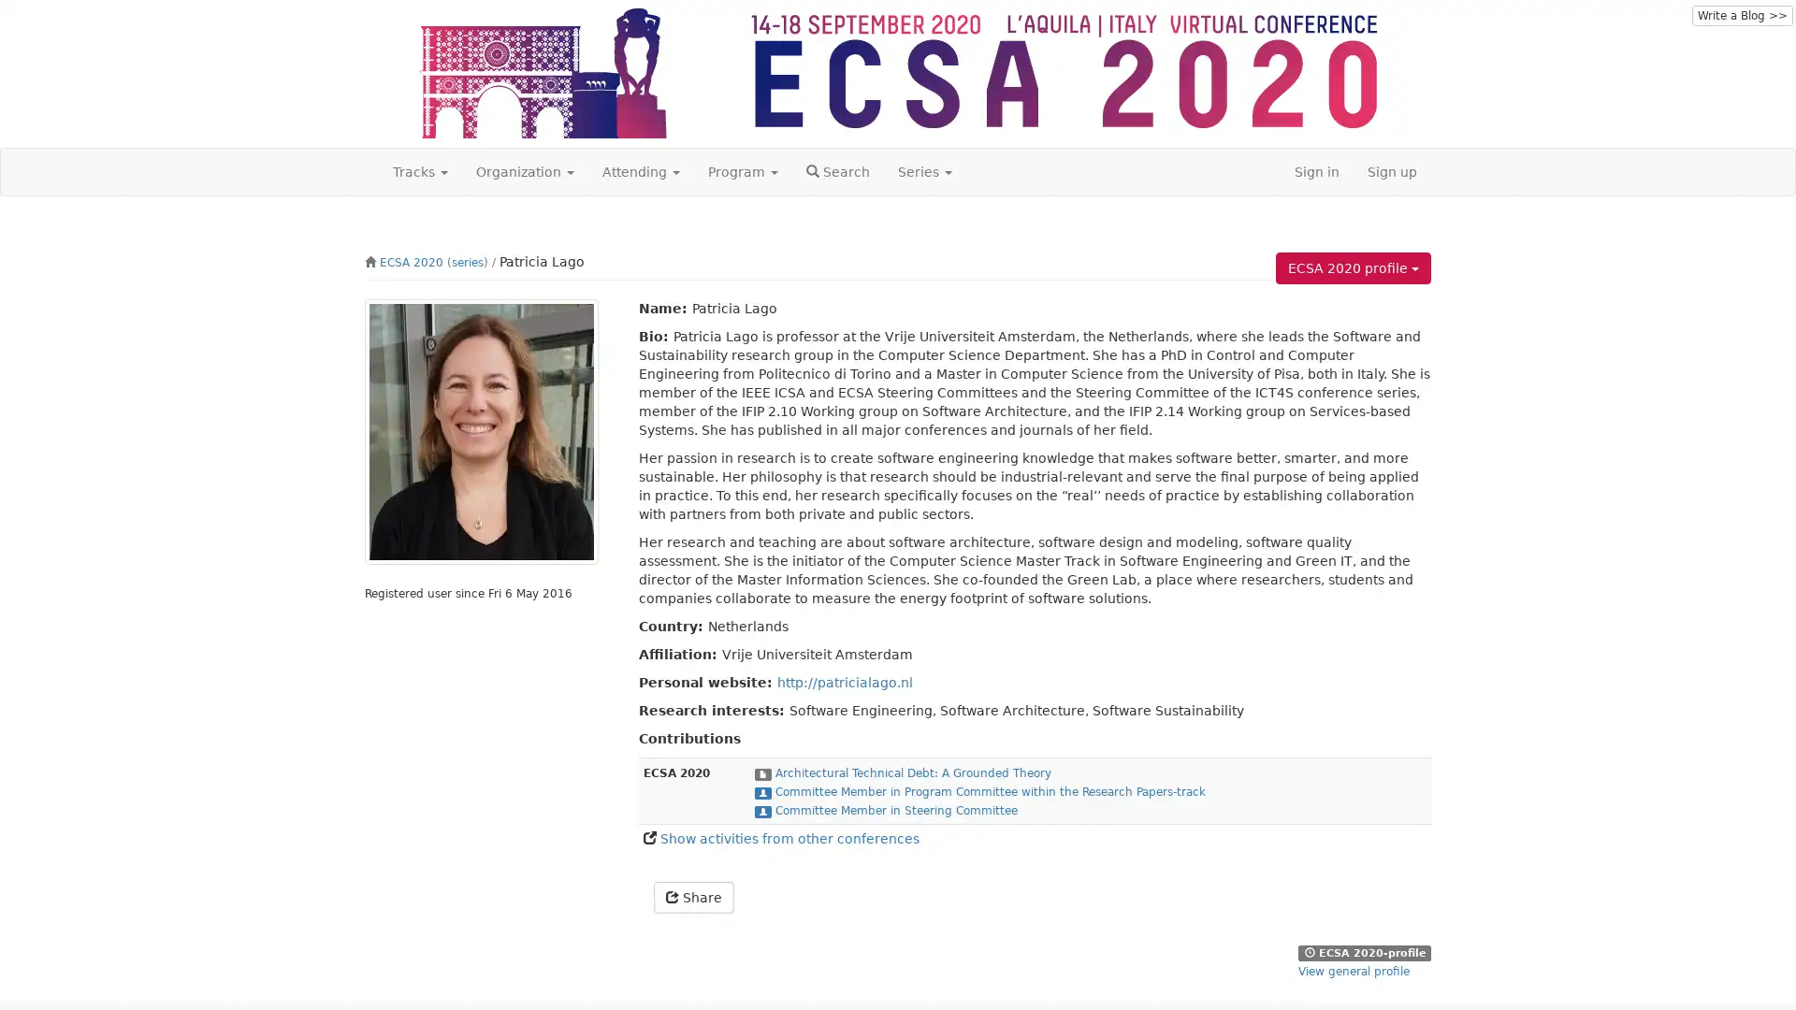 This screenshot has width=1796, height=1010. I want to click on ECSA 2020 profile, so click(1353, 267).